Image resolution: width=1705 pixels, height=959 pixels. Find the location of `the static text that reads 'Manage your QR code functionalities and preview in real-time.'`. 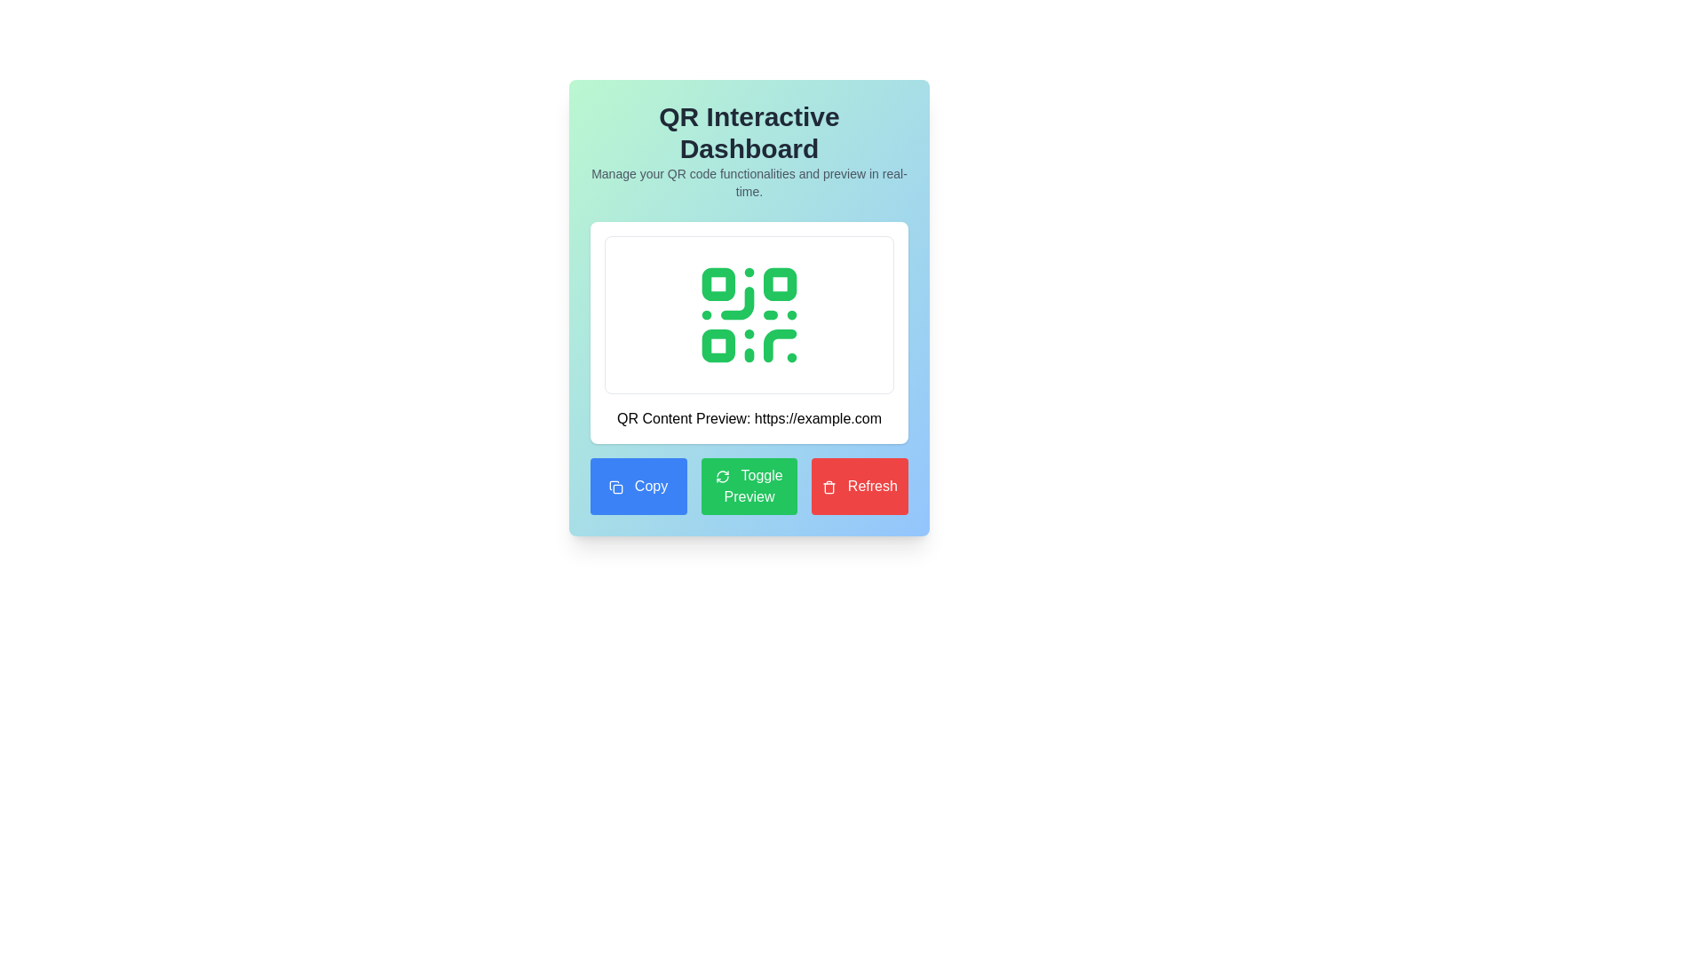

the static text that reads 'Manage your QR code functionalities and preview in real-time.' is located at coordinates (749, 182).